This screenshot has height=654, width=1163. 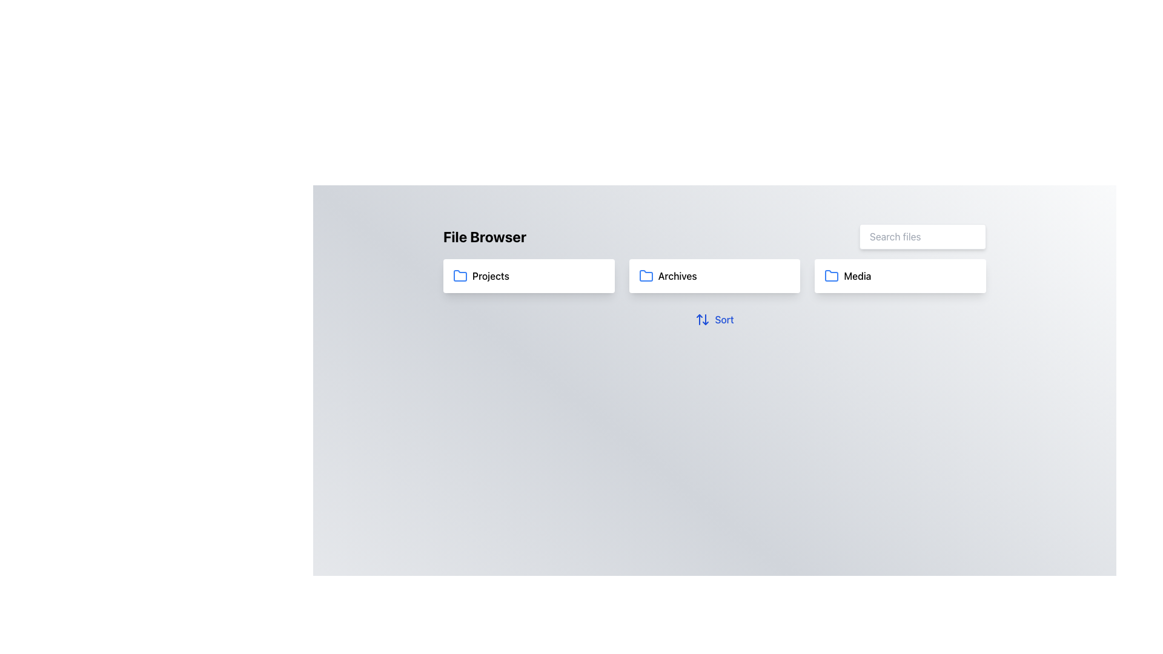 What do you see at coordinates (645, 276) in the screenshot?
I see `the folder icon with a blue outline, located` at bounding box center [645, 276].